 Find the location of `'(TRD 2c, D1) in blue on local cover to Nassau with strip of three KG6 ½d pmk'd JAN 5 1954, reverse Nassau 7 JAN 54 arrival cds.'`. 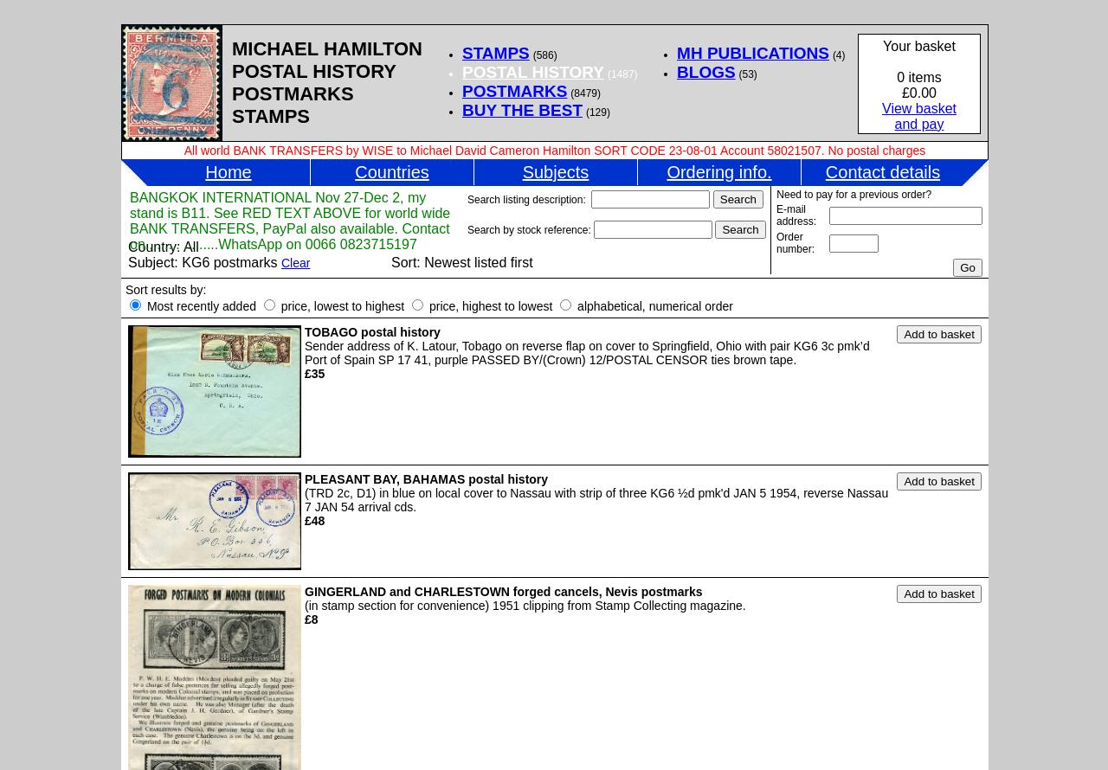

'(TRD 2c, D1) in blue on local cover to Nassau with strip of three KG6 ½d pmk'd JAN 5 1954, reverse Nassau 7 JAN 54 arrival cds.' is located at coordinates (596, 498).